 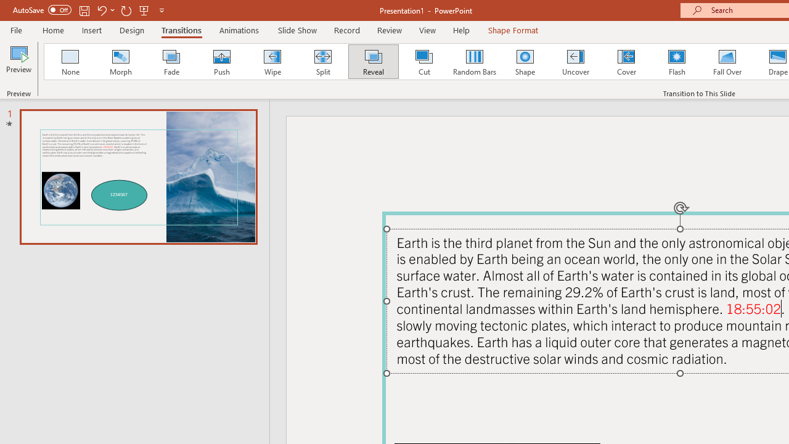 What do you see at coordinates (626, 62) in the screenshot?
I see `'Cover'` at bounding box center [626, 62].